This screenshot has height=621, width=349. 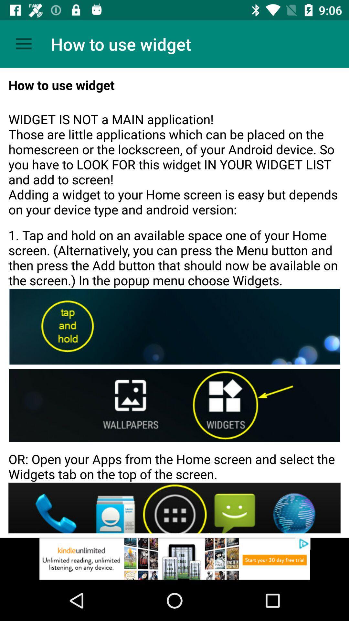 I want to click on space where you access advertising, so click(x=174, y=559).